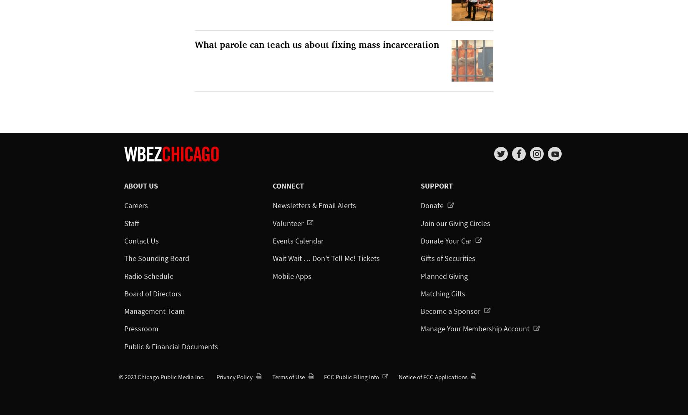 This screenshot has height=415, width=688. Describe the element at coordinates (154, 311) in the screenshot. I see `'Management Team'` at that location.